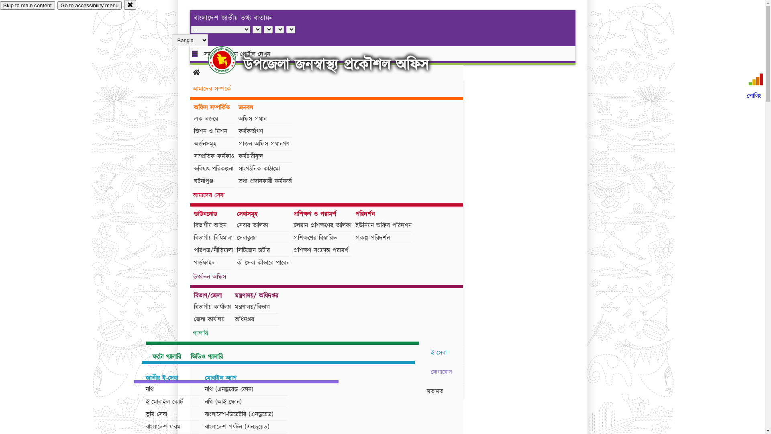  Describe the element at coordinates (27, 5) in the screenshot. I see `'Skip to main content'` at that location.